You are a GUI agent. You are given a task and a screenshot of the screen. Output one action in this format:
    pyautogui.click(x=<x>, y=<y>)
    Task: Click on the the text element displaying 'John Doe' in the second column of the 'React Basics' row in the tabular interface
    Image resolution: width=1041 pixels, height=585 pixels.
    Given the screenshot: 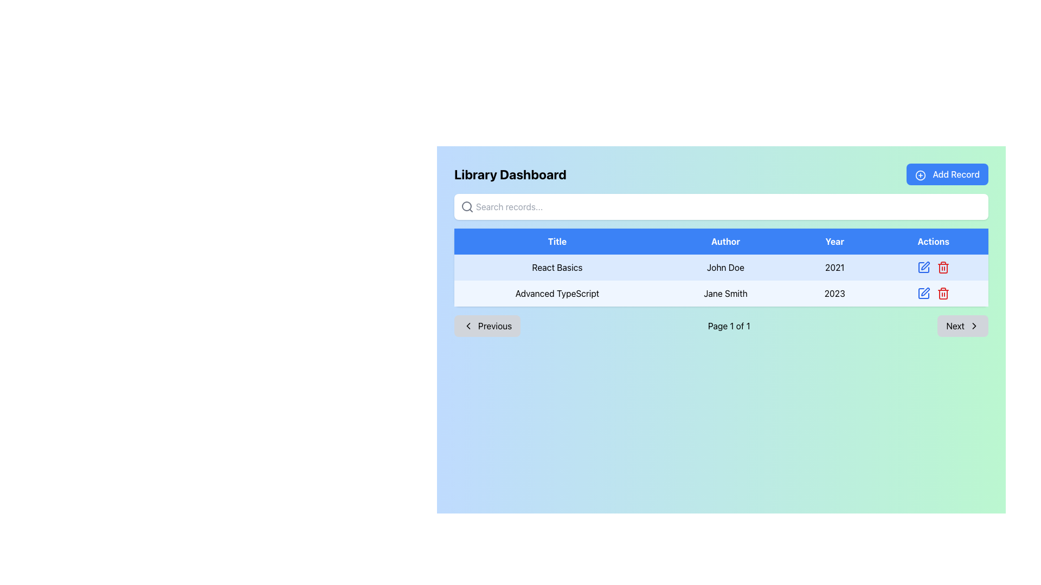 What is the action you would take?
    pyautogui.click(x=725, y=267)
    